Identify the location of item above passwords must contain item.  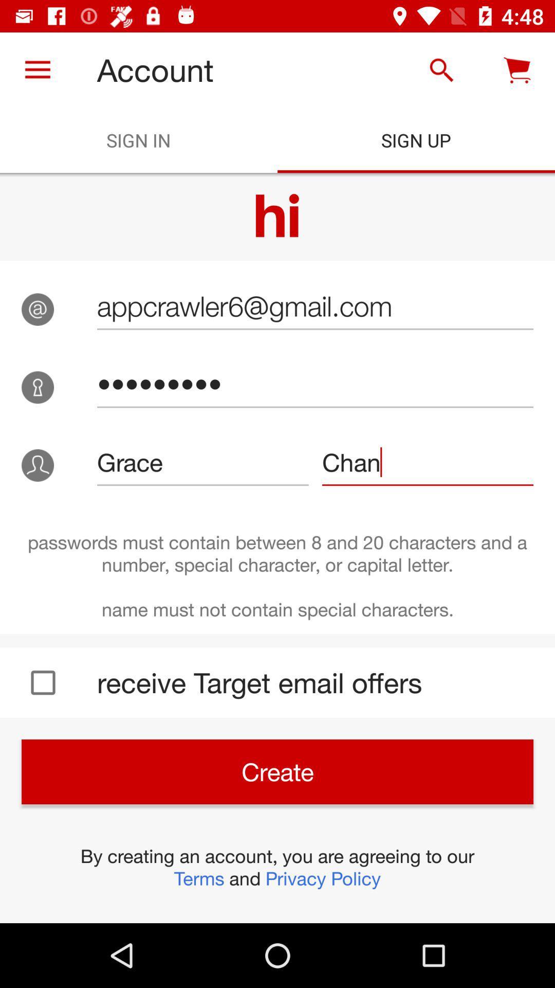
(202, 462).